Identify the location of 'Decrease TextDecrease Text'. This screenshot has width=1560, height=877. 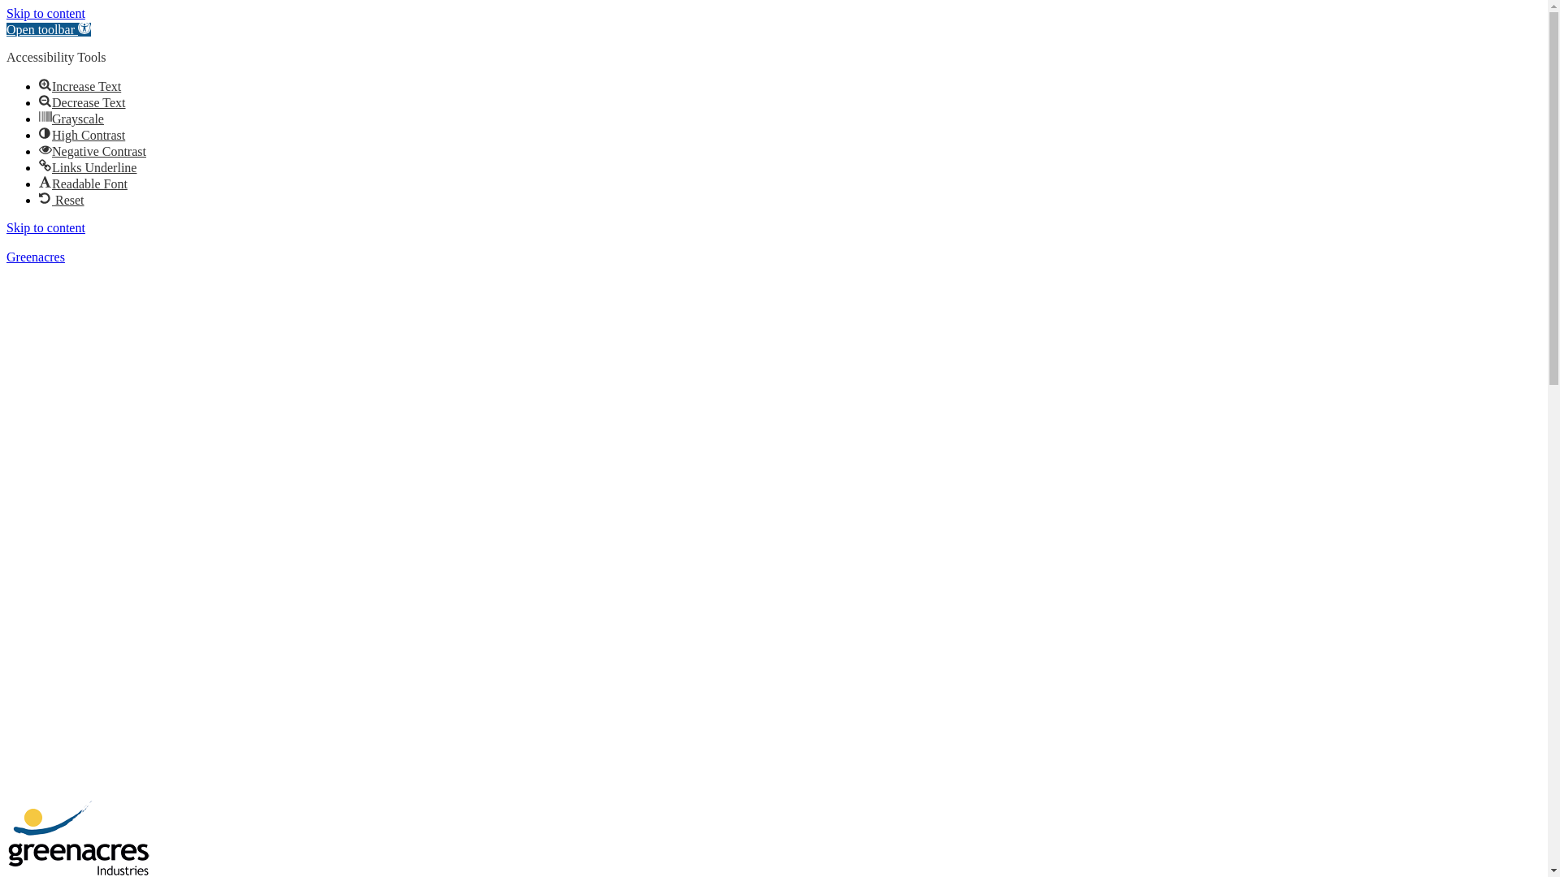
(81, 102).